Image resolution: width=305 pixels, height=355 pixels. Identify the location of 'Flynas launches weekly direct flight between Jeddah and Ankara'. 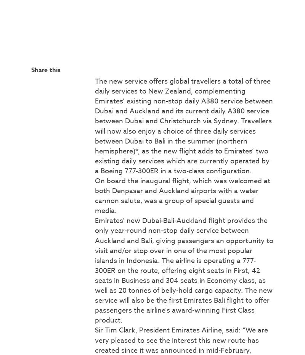
(224, 232).